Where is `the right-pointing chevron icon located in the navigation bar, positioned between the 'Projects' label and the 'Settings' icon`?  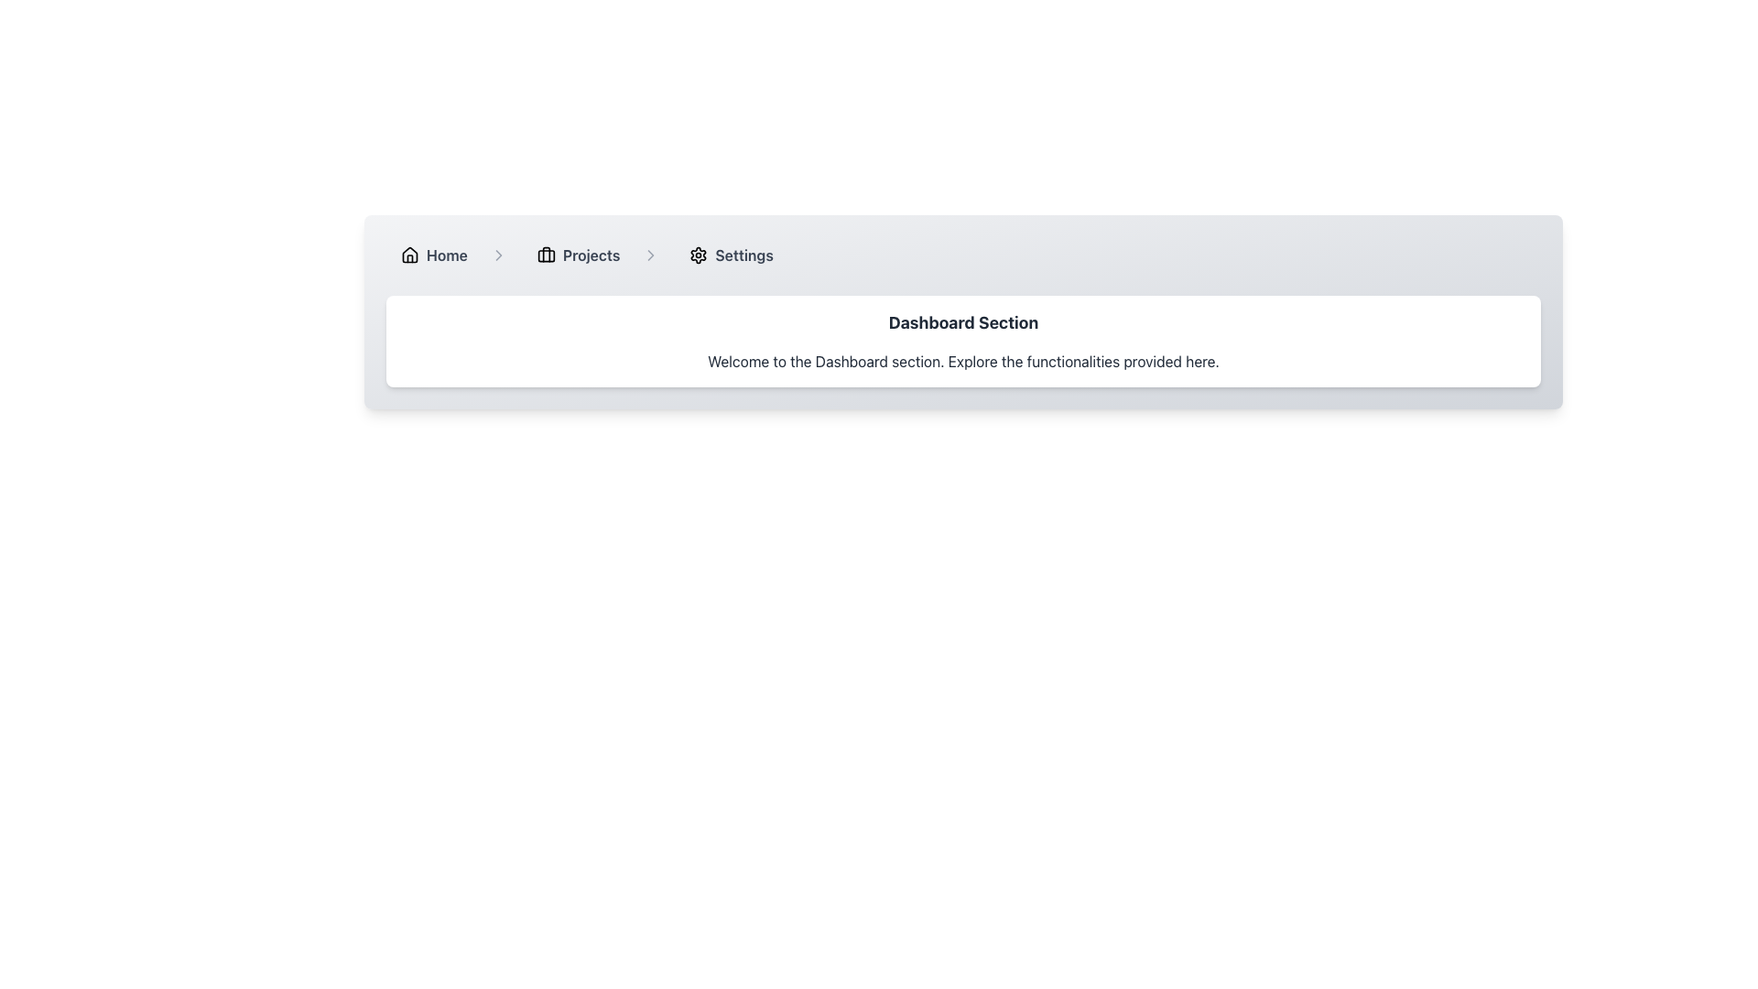
the right-pointing chevron icon located in the navigation bar, positioned between the 'Projects' label and the 'Settings' icon is located at coordinates (651, 255).